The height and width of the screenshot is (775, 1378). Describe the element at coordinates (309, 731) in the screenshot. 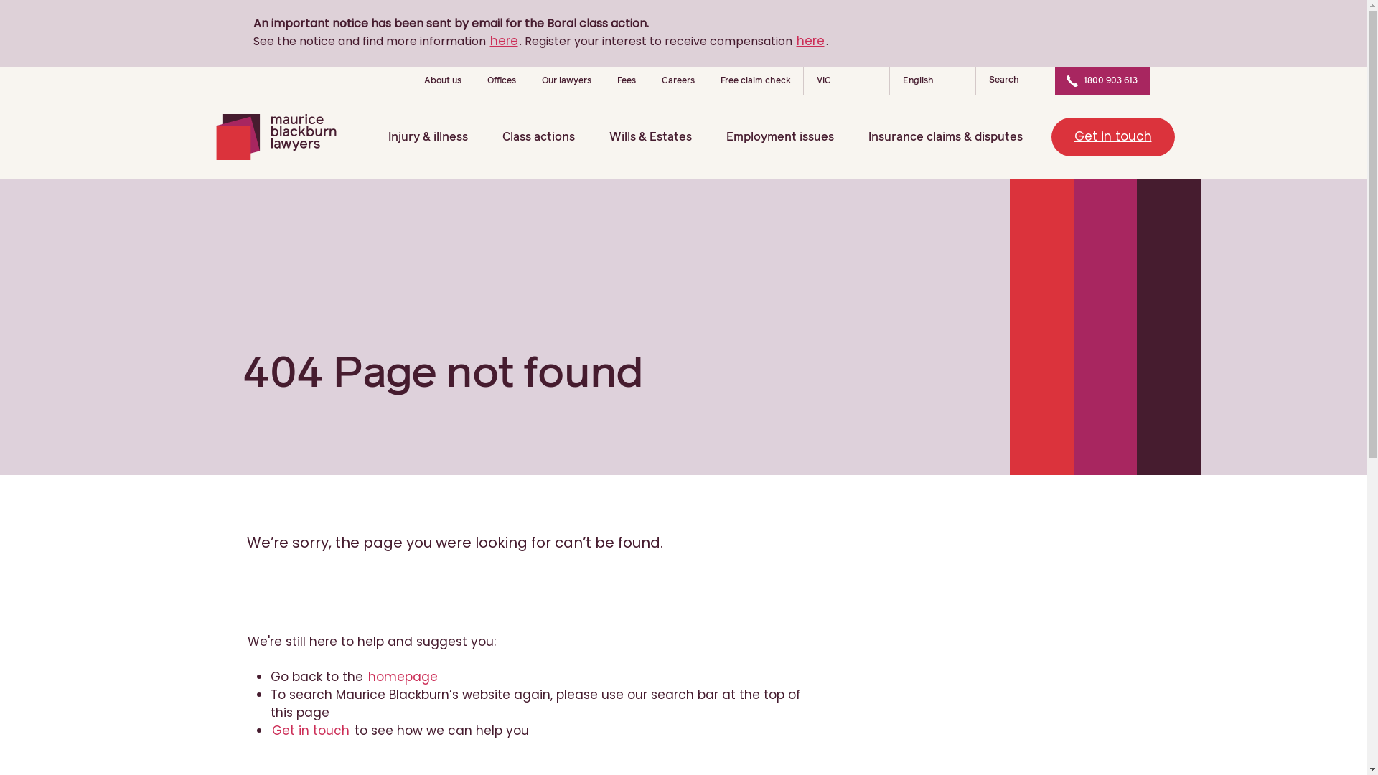

I see `'Get in touch'` at that location.